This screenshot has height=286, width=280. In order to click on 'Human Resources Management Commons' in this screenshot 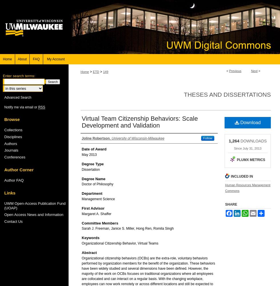, I will do `click(248, 188)`.